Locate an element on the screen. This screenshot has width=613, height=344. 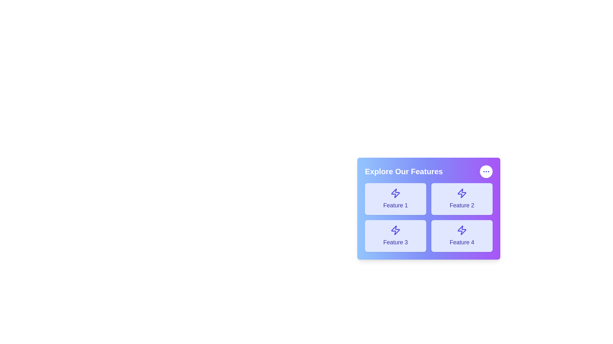
text displayed in the text label that says 'Feature 4', which is styled with a medium-large font size and deep indigo color, located in the bottom right quadrant of the grid is located at coordinates (462, 242).